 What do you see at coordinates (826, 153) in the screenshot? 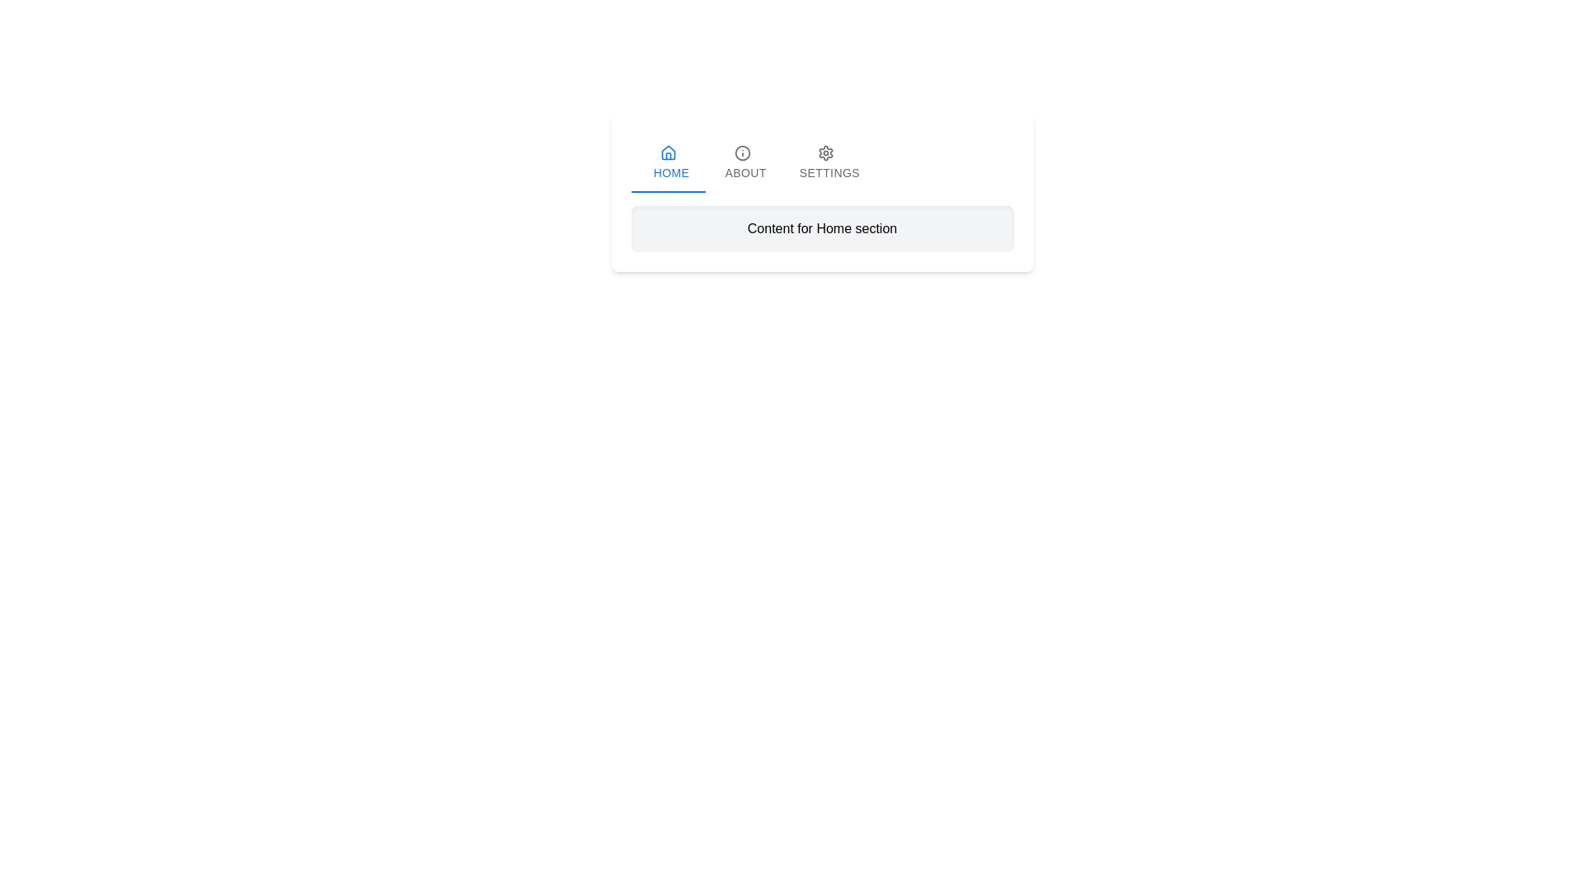
I see `the settings icon located in the navigation bar above the 'Settings' text` at bounding box center [826, 153].